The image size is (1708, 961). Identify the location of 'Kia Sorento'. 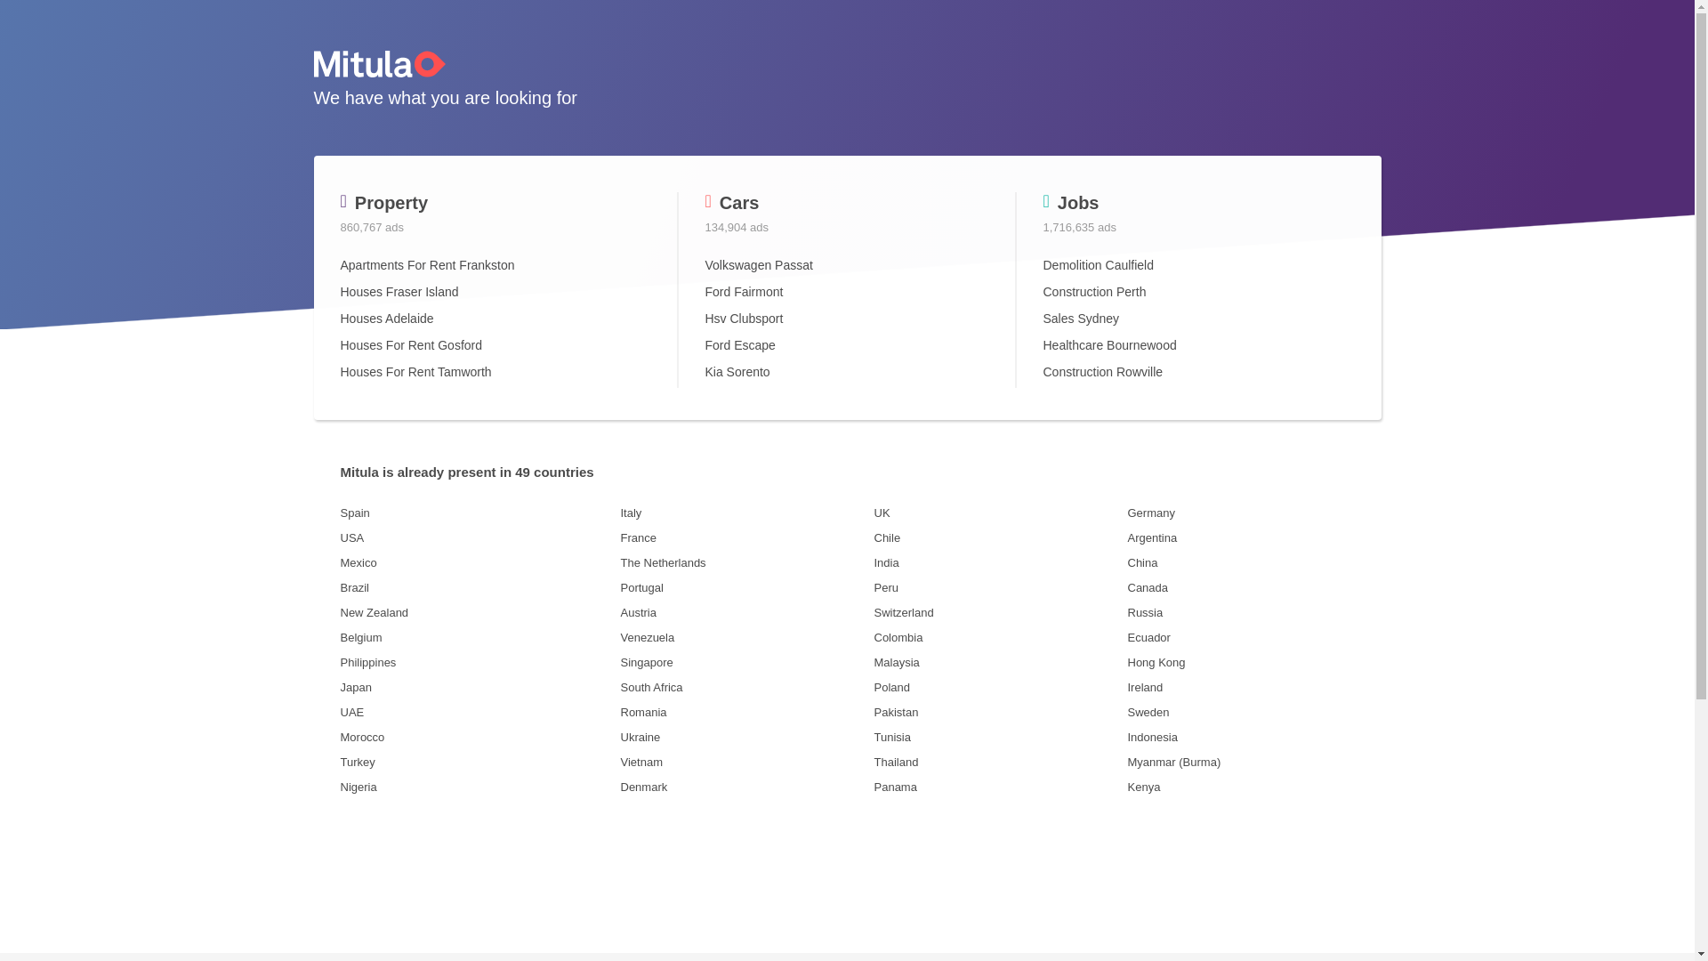
(737, 370).